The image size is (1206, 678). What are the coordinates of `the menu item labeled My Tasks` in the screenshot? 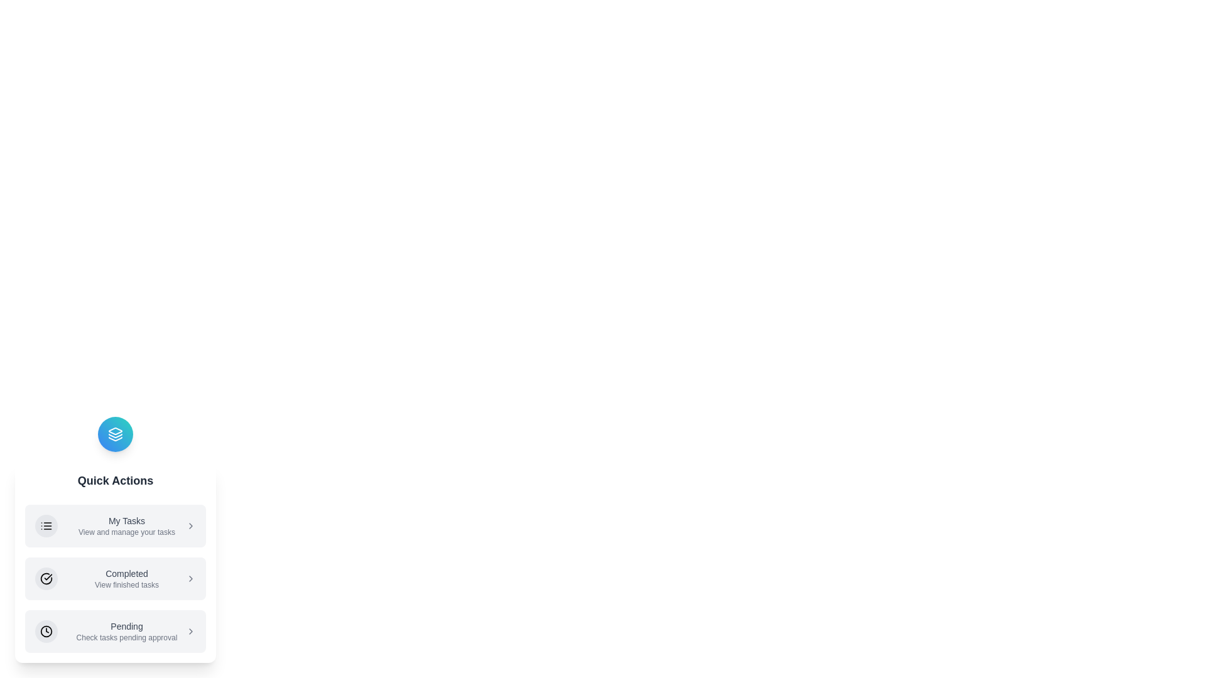 It's located at (115, 525).